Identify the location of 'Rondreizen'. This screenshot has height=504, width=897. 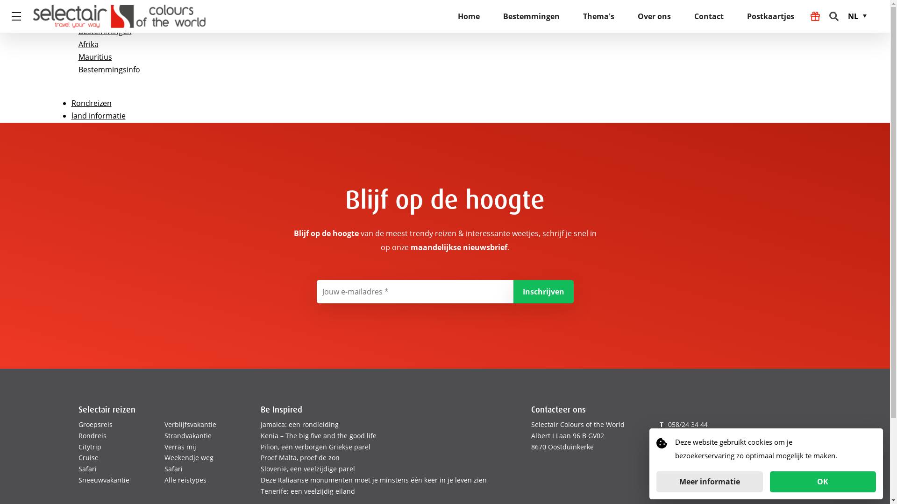
(71, 103).